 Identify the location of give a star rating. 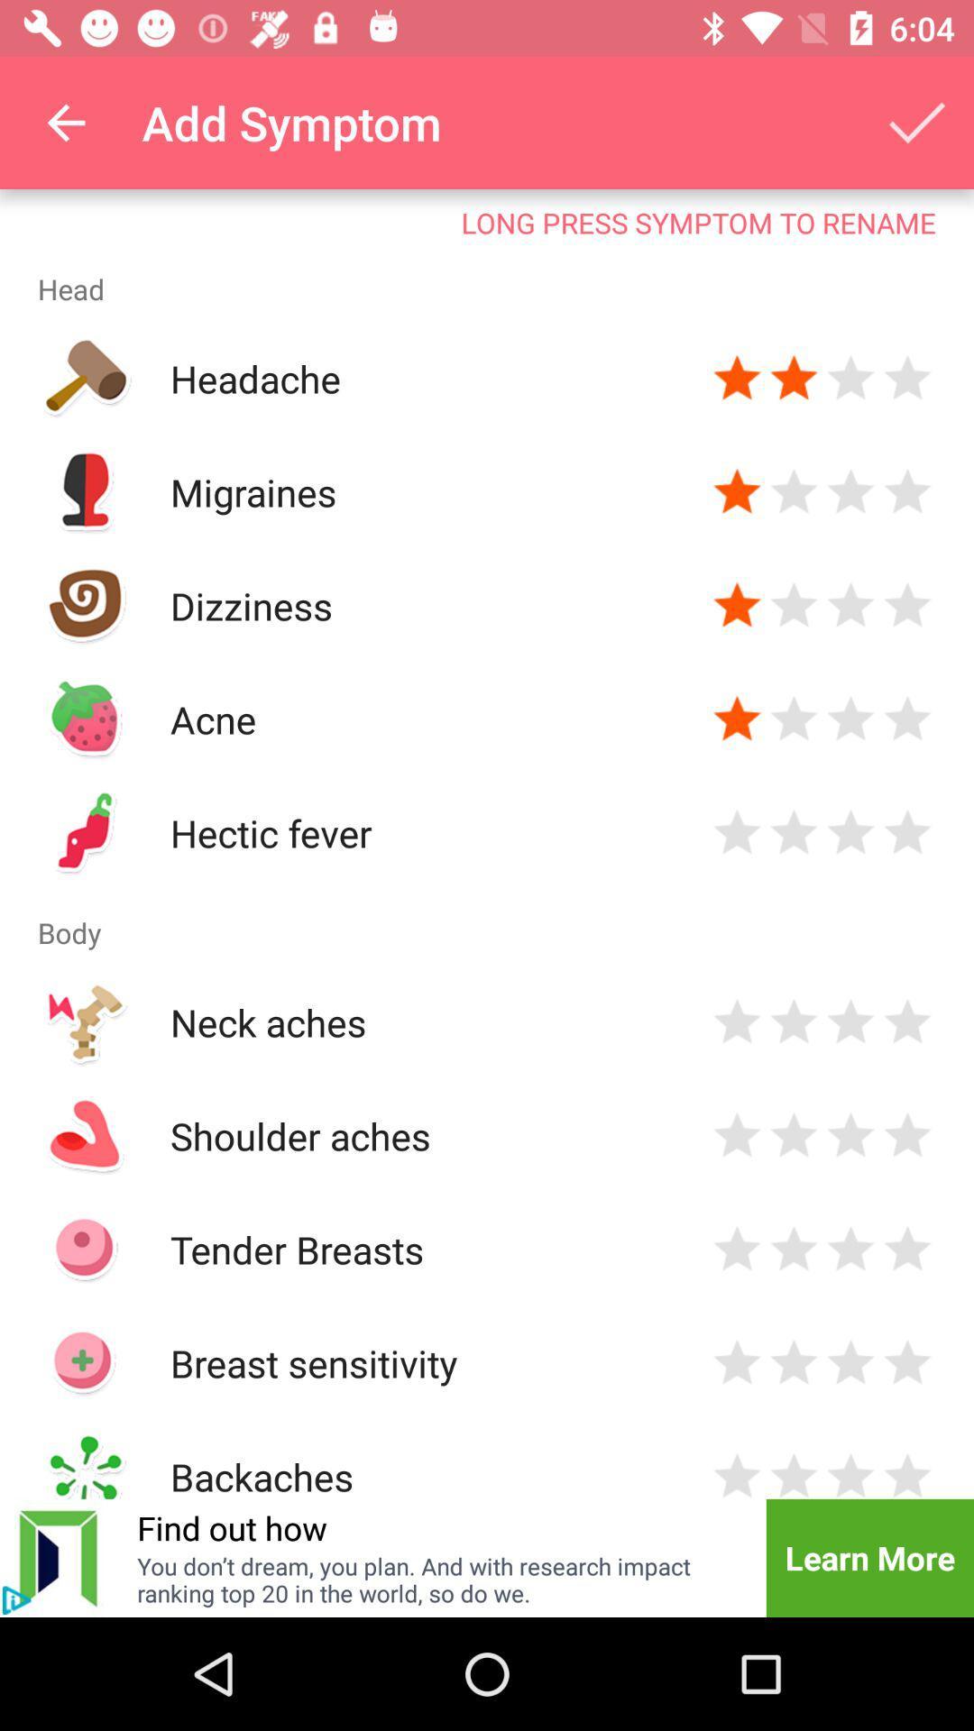
(793, 606).